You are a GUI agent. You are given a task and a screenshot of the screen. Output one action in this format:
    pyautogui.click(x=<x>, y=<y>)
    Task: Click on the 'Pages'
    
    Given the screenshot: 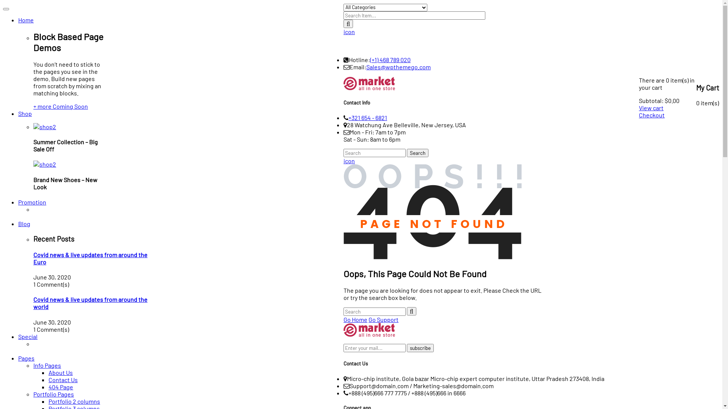 What is the action you would take?
    pyautogui.click(x=26, y=358)
    